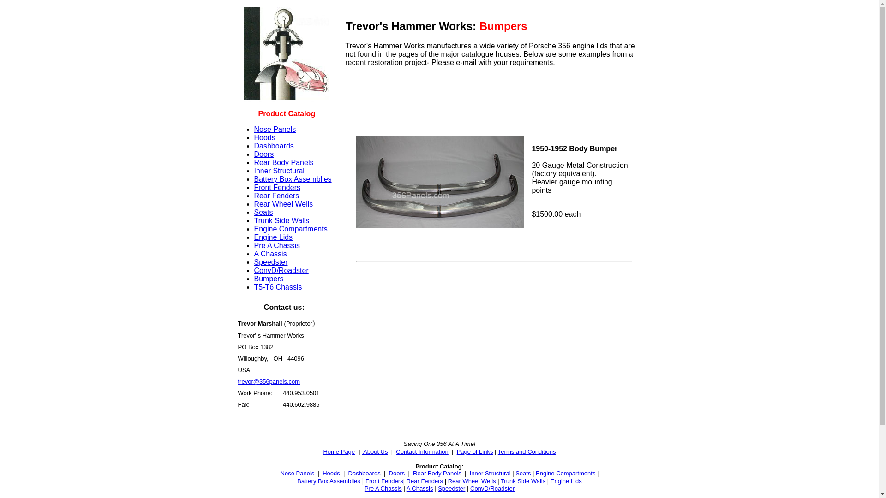 This screenshot has height=498, width=886. What do you see at coordinates (297, 473) in the screenshot?
I see `'Nose Panels'` at bounding box center [297, 473].